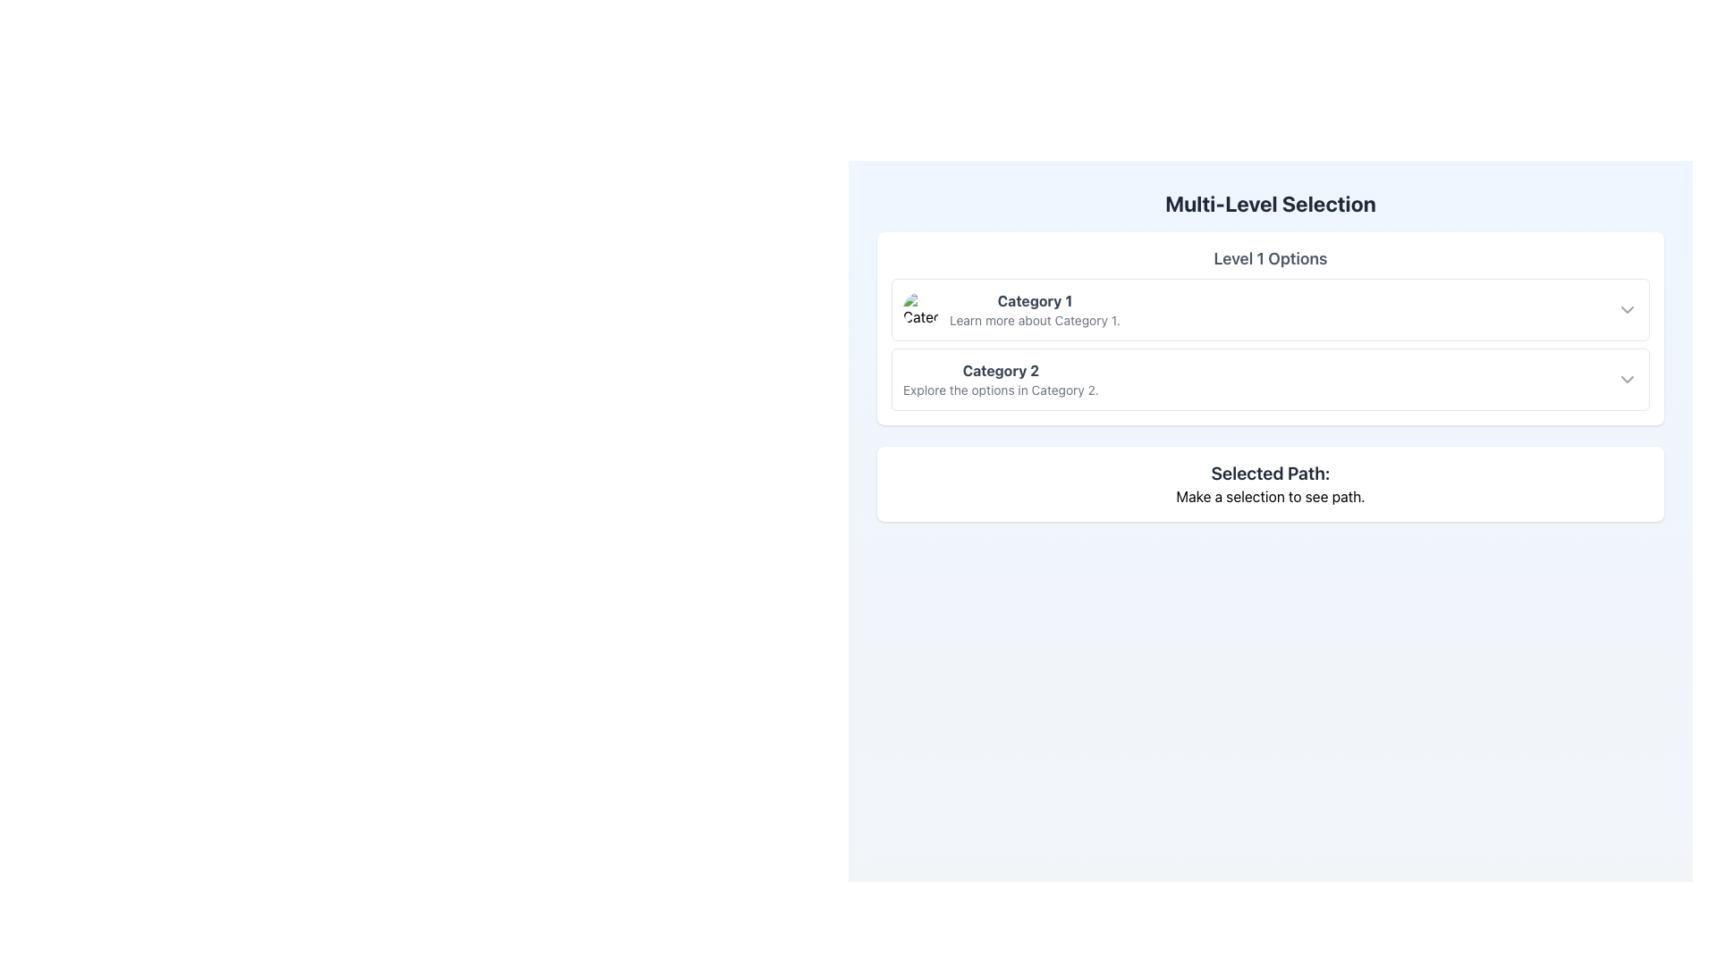 This screenshot has height=965, width=1717. What do you see at coordinates (1035, 319) in the screenshot?
I see `the text label providing additional information related to 'Category 1', which is positioned directly below the 'Category 1' heading` at bounding box center [1035, 319].